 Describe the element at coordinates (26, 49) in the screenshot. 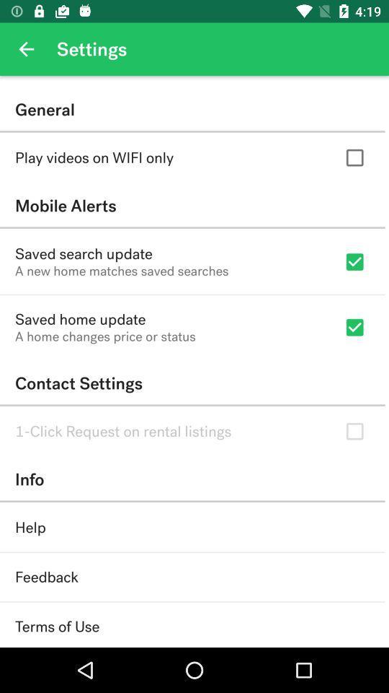

I see `the item above the general item` at that location.